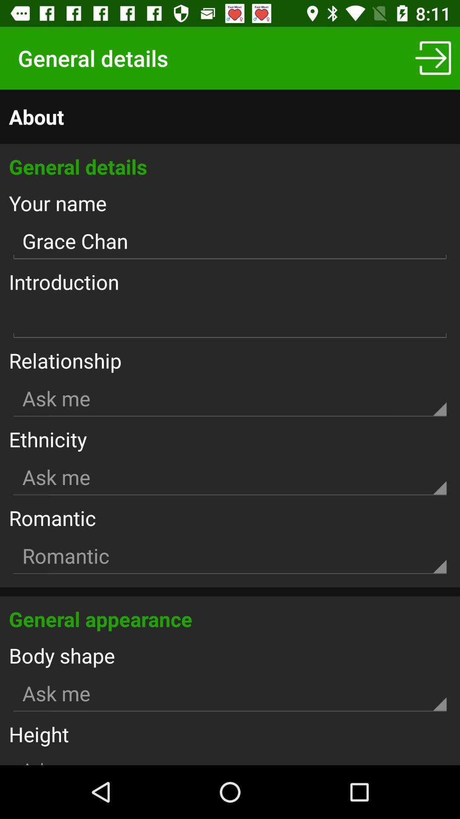 Image resolution: width=460 pixels, height=819 pixels. Describe the element at coordinates (230, 319) in the screenshot. I see `text writing box` at that location.